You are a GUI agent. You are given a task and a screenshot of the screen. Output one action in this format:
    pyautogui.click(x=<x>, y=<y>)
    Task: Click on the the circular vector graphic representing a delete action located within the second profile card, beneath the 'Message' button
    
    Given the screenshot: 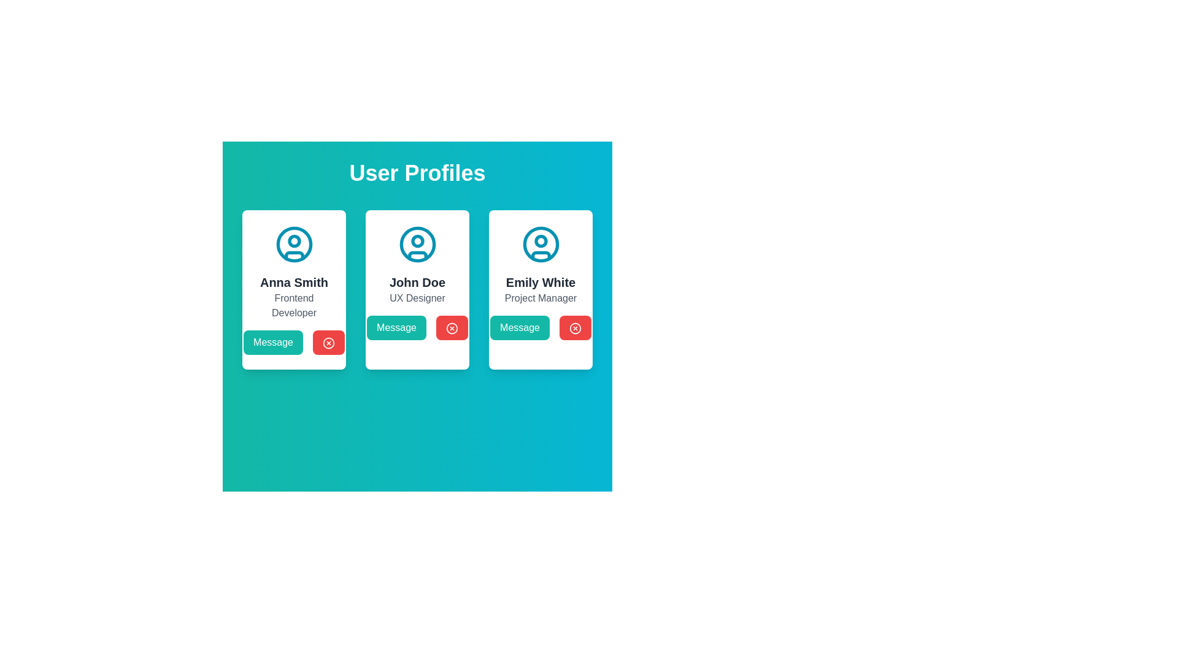 What is the action you would take?
    pyautogui.click(x=329, y=343)
    